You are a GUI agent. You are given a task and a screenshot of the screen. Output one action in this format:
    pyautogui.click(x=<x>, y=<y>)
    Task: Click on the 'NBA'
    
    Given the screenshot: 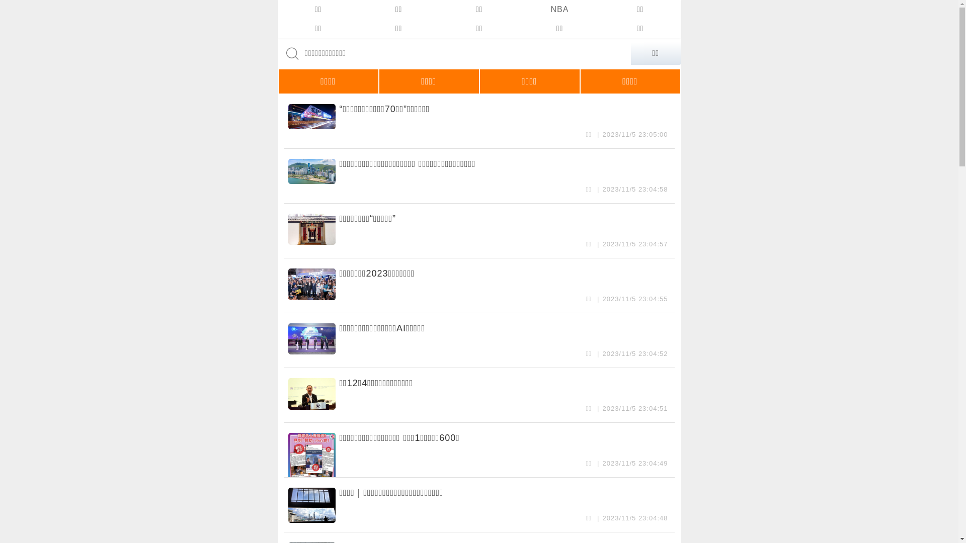 What is the action you would take?
    pyautogui.click(x=519, y=10)
    